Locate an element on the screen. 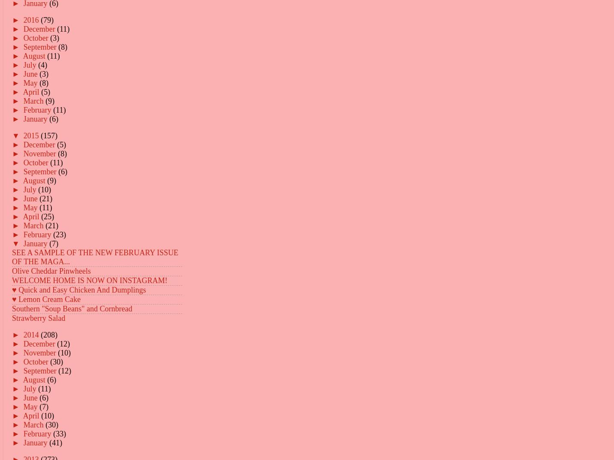  '(157)' is located at coordinates (48, 135).